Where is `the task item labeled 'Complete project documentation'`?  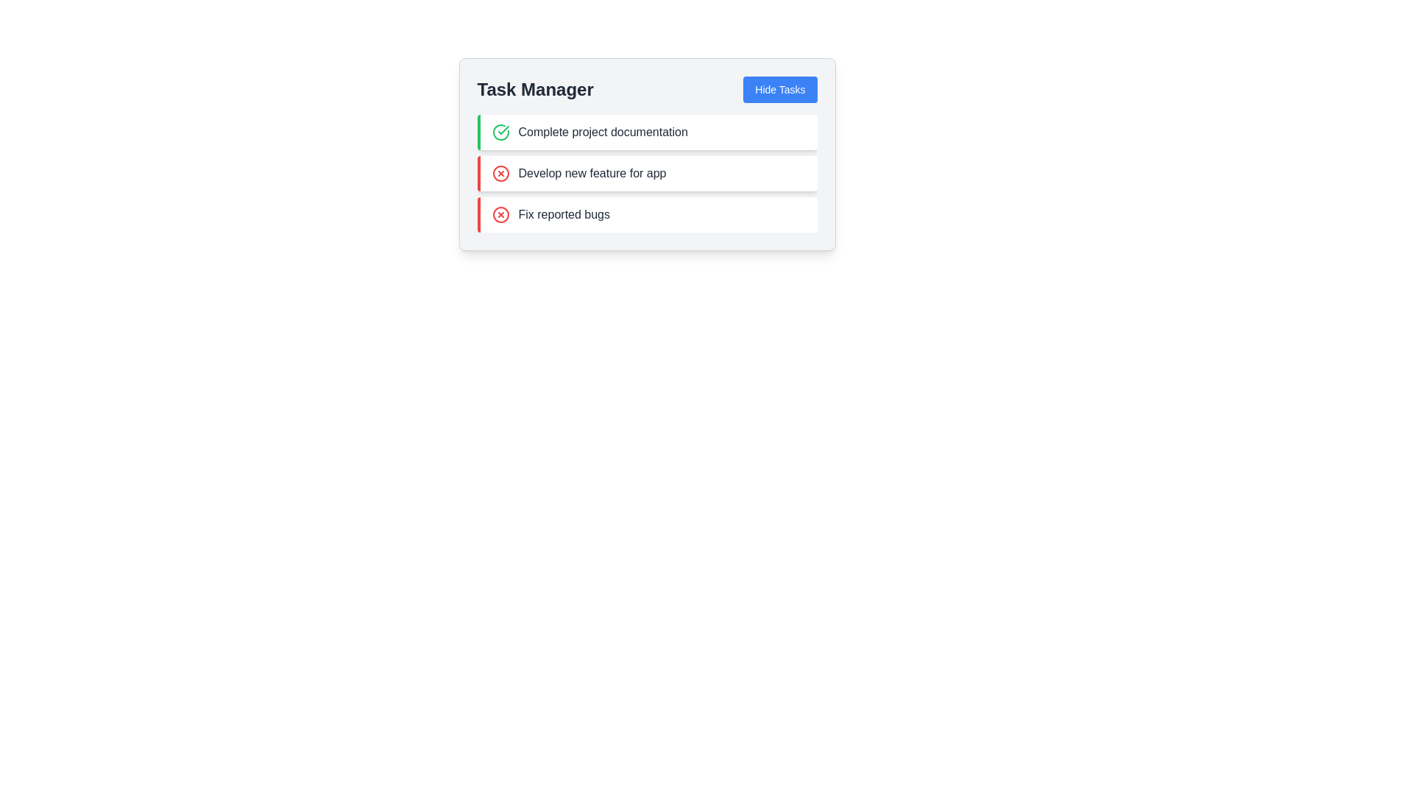
the task item labeled 'Complete project documentation' is located at coordinates (647, 132).